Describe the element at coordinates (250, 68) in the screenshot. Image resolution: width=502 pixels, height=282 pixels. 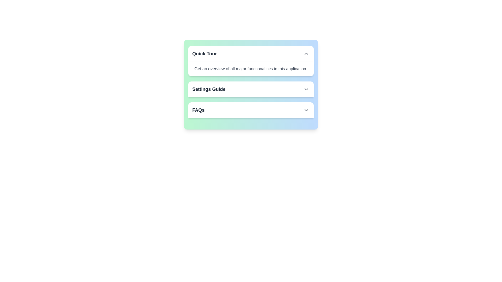
I see `the text label that reads 'Get an overview of all major functionalities in this application.' which is positioned directly below the title 'Quick Tour'` at that location.